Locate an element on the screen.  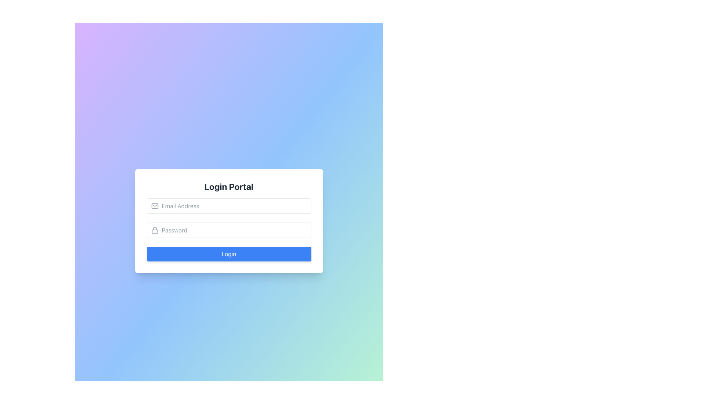
the topmost rectangle of the padlock icon, which is located to the left of the 'Password' input field in the login form is located at coordinates (154, 231).